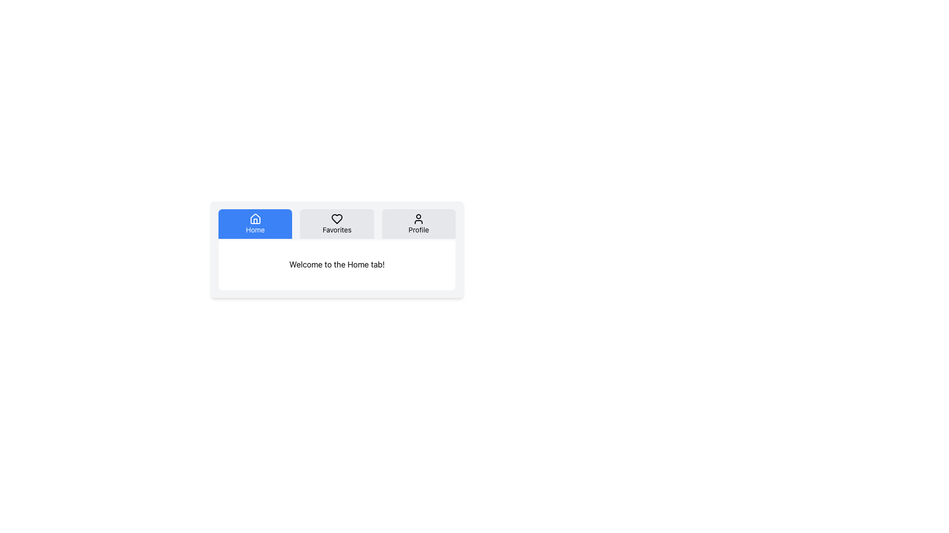 The width and height of the screenshot is (949, 533). What do you see at coordinates (419, 224) in the screenshot?
I see `the gray rectangular button with rounded top corners labeled 'Profile'` at bounding box center [419, 224].